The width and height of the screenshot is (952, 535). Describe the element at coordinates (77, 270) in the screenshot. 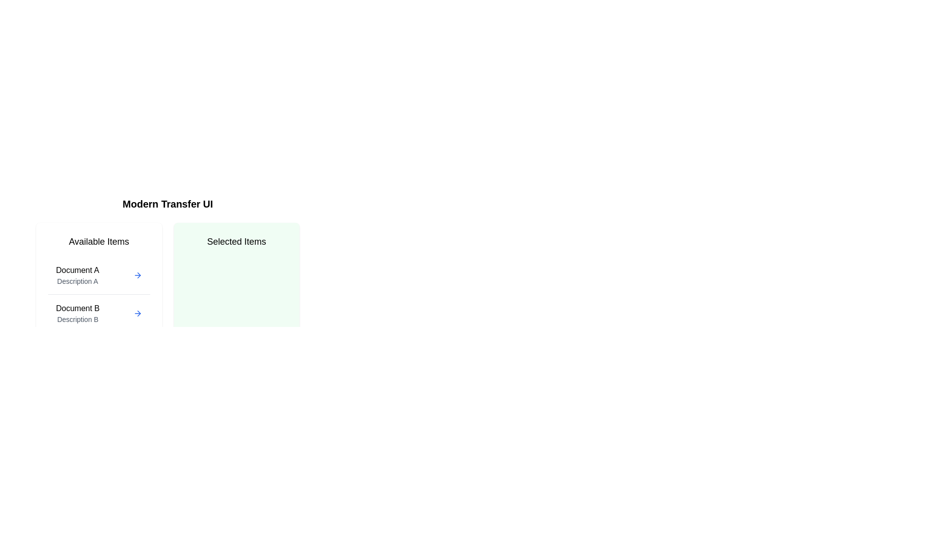

I see `the static text label displaying 'Document A', which is positioned at the top of the item description in the left column of 'Available Items'` at that location.